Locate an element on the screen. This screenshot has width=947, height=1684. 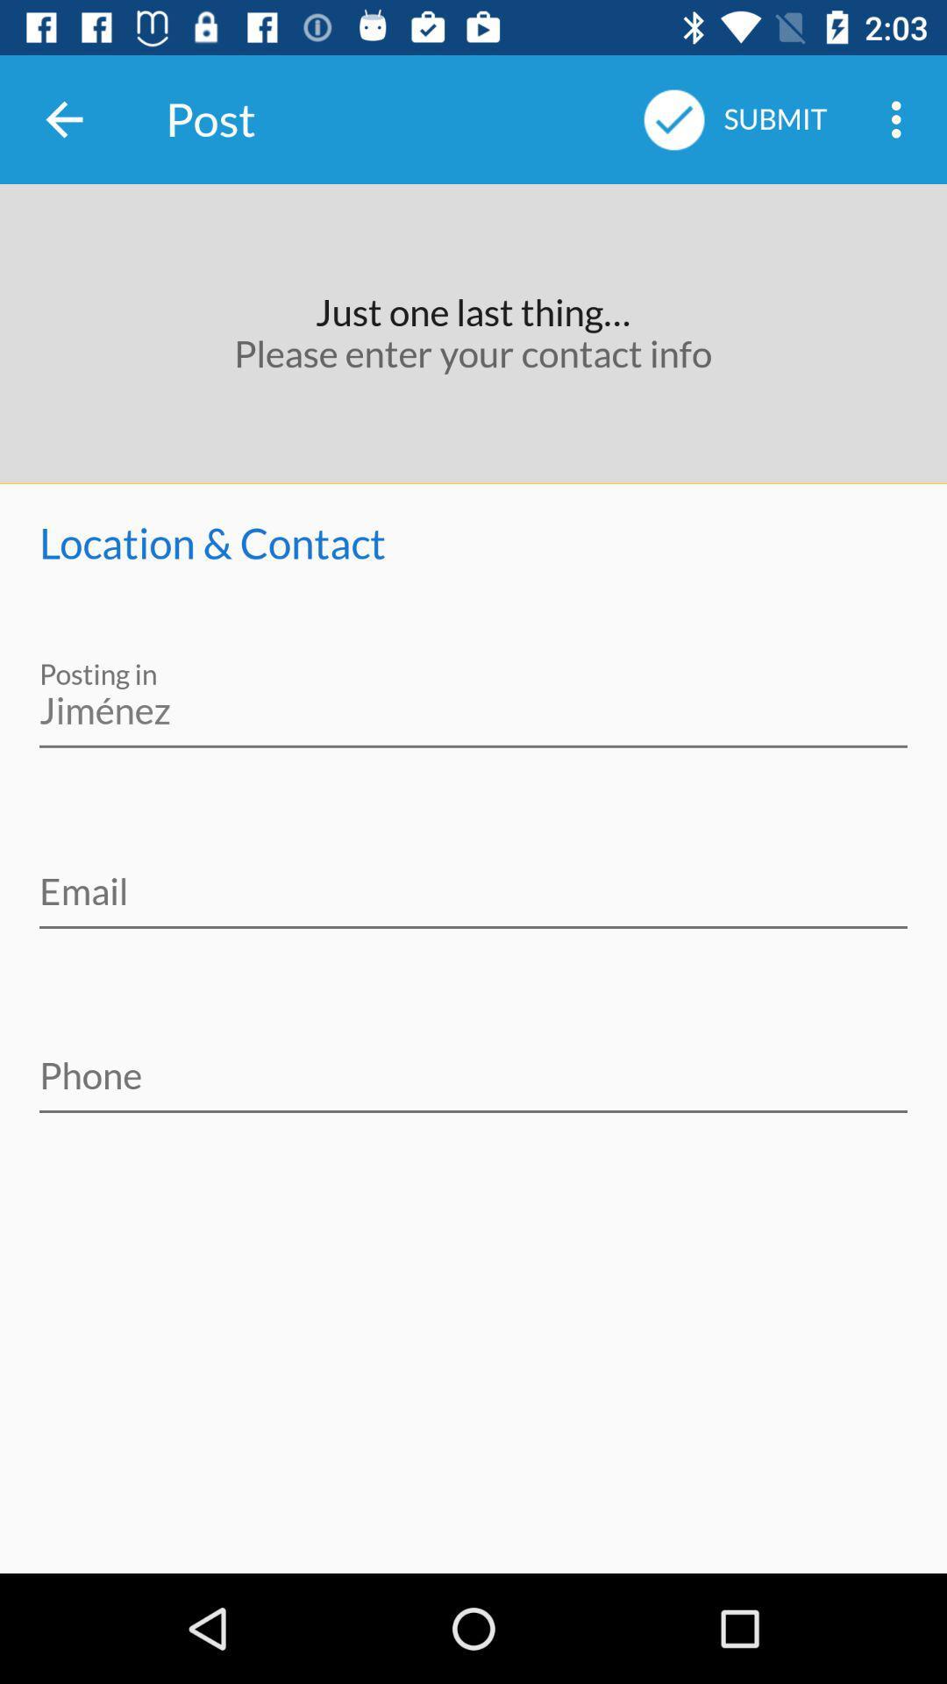
the icon next to the post is located at coordinates (63, 118).